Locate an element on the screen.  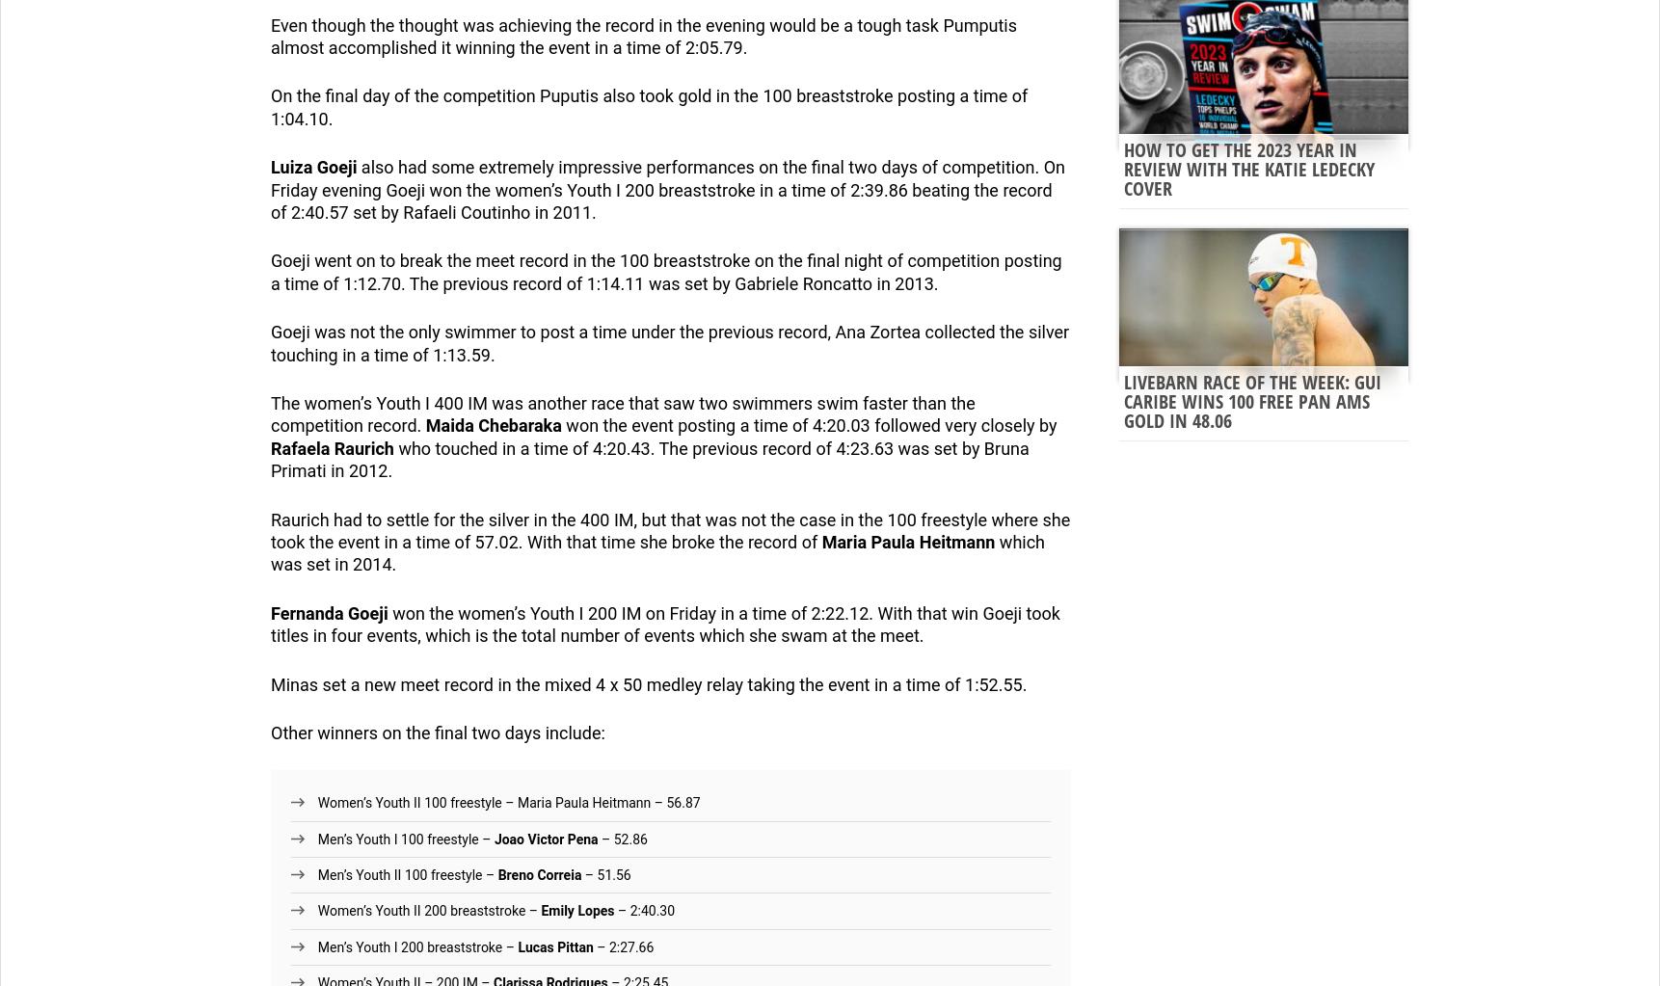
'– 52.86' is located at coordinates (597, 838).